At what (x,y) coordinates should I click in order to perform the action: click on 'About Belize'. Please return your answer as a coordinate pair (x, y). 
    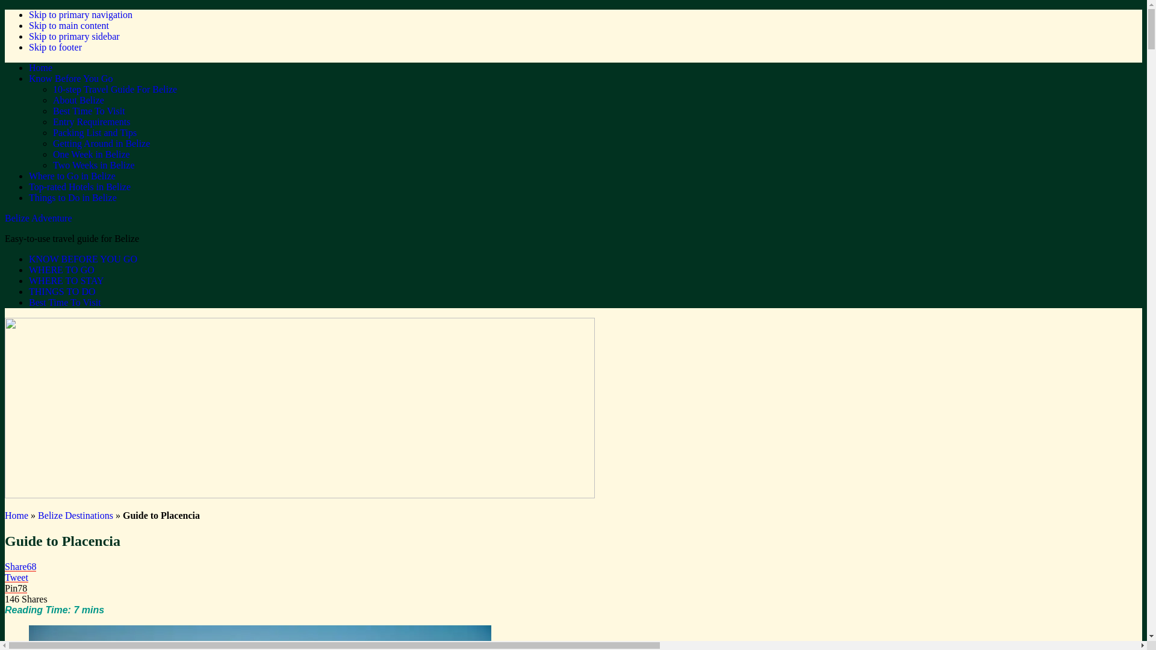
    Looking at the image, I should click on (78, 99).